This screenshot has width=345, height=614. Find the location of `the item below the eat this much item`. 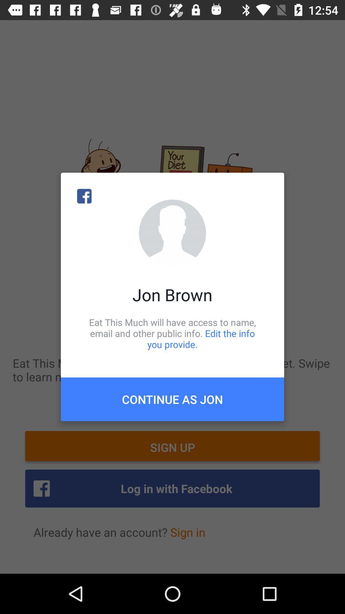

the item below the eat this much item is located at coordinates (172, 399).